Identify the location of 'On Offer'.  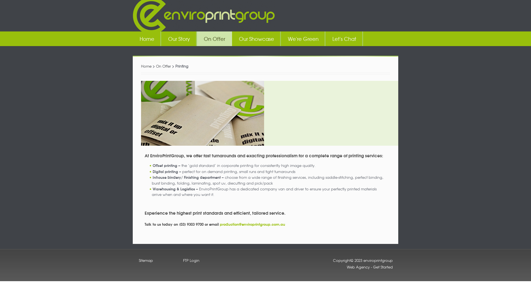
(214, 38).